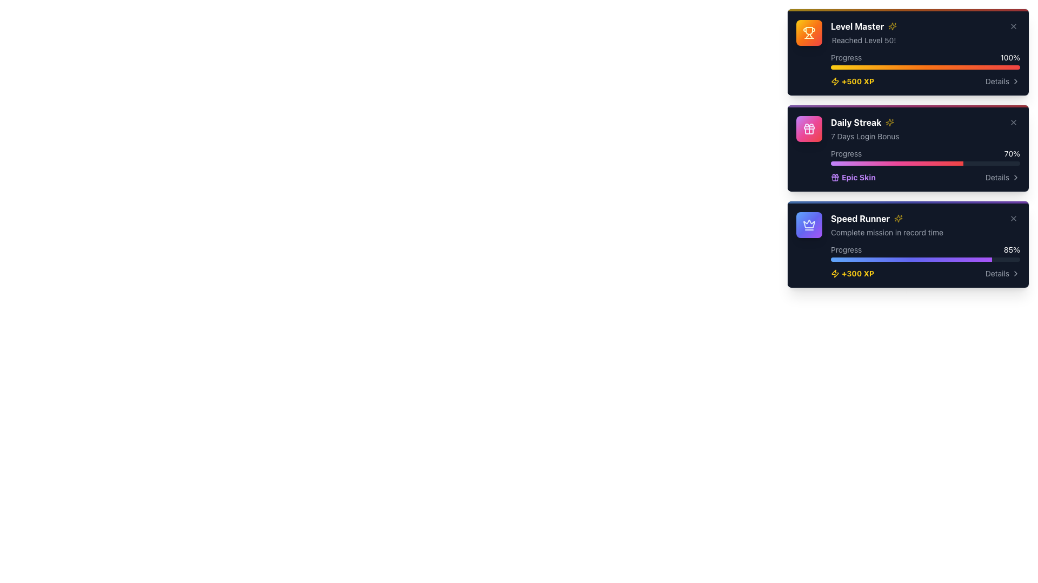 The height and width of the screenshot is (583, 1038). I want to click on the multi-colored gradient progress bar located in the notification card titled 'Level Master ✨', which is situated directly below the 'Progress' label and above the '100%' value, so click(925, 67).